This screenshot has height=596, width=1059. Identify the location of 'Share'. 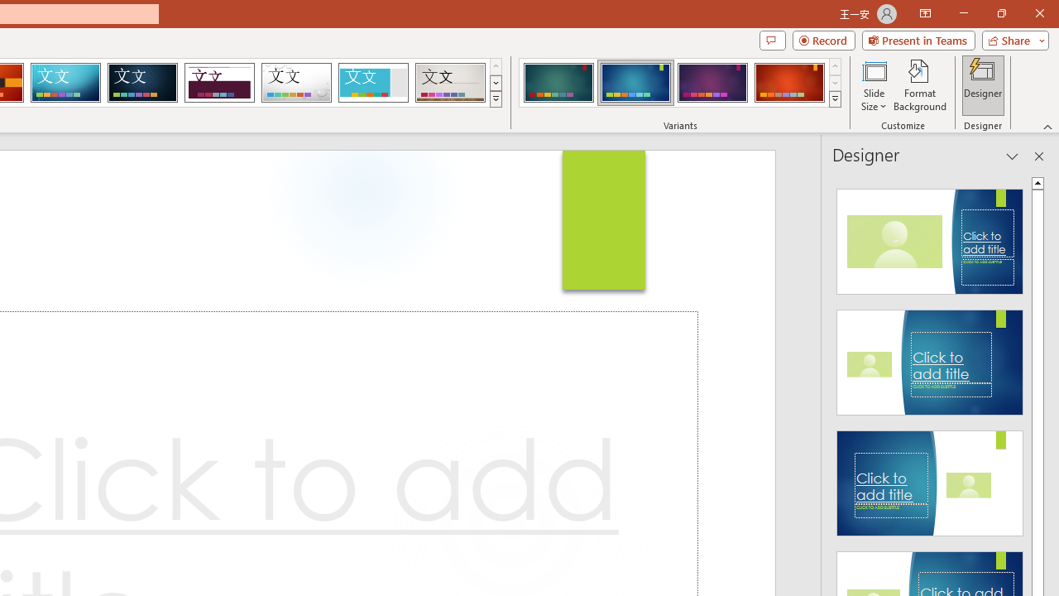
(1011, 39).